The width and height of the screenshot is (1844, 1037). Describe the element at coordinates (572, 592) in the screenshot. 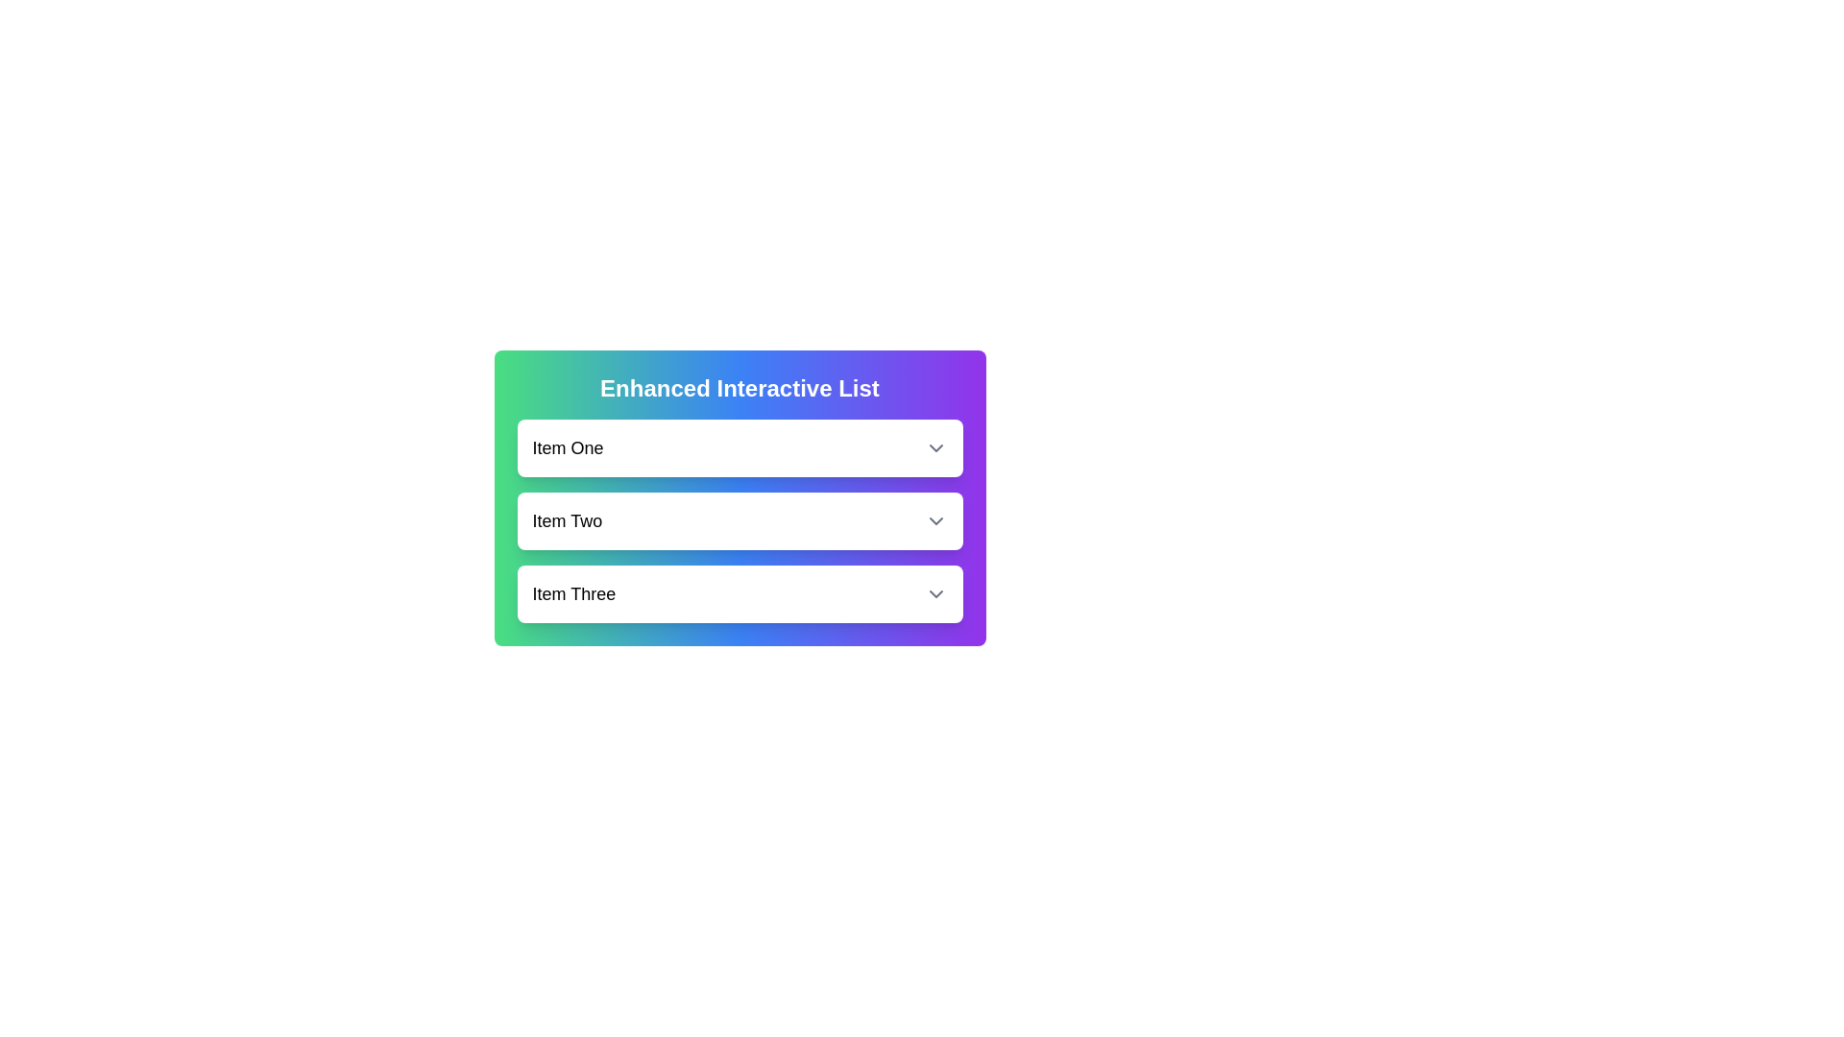

I see `the text label that displays the third item in a vertically stacked list, which is aligned with a downward chevron icon on its right` at that location.